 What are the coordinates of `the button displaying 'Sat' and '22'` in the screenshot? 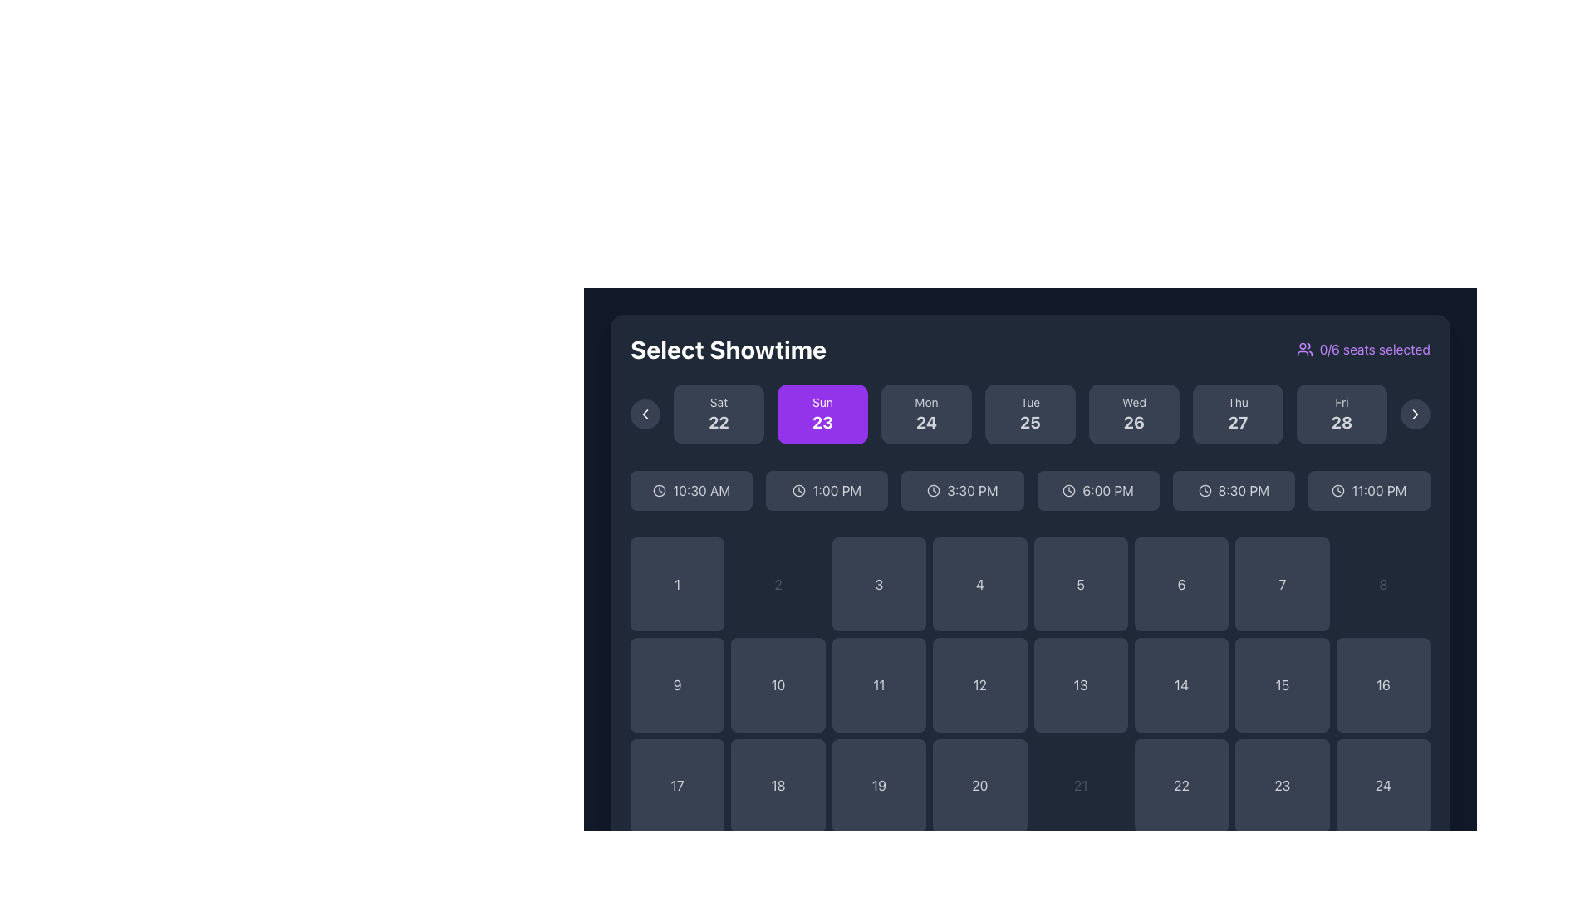 It's located at (719, 413).